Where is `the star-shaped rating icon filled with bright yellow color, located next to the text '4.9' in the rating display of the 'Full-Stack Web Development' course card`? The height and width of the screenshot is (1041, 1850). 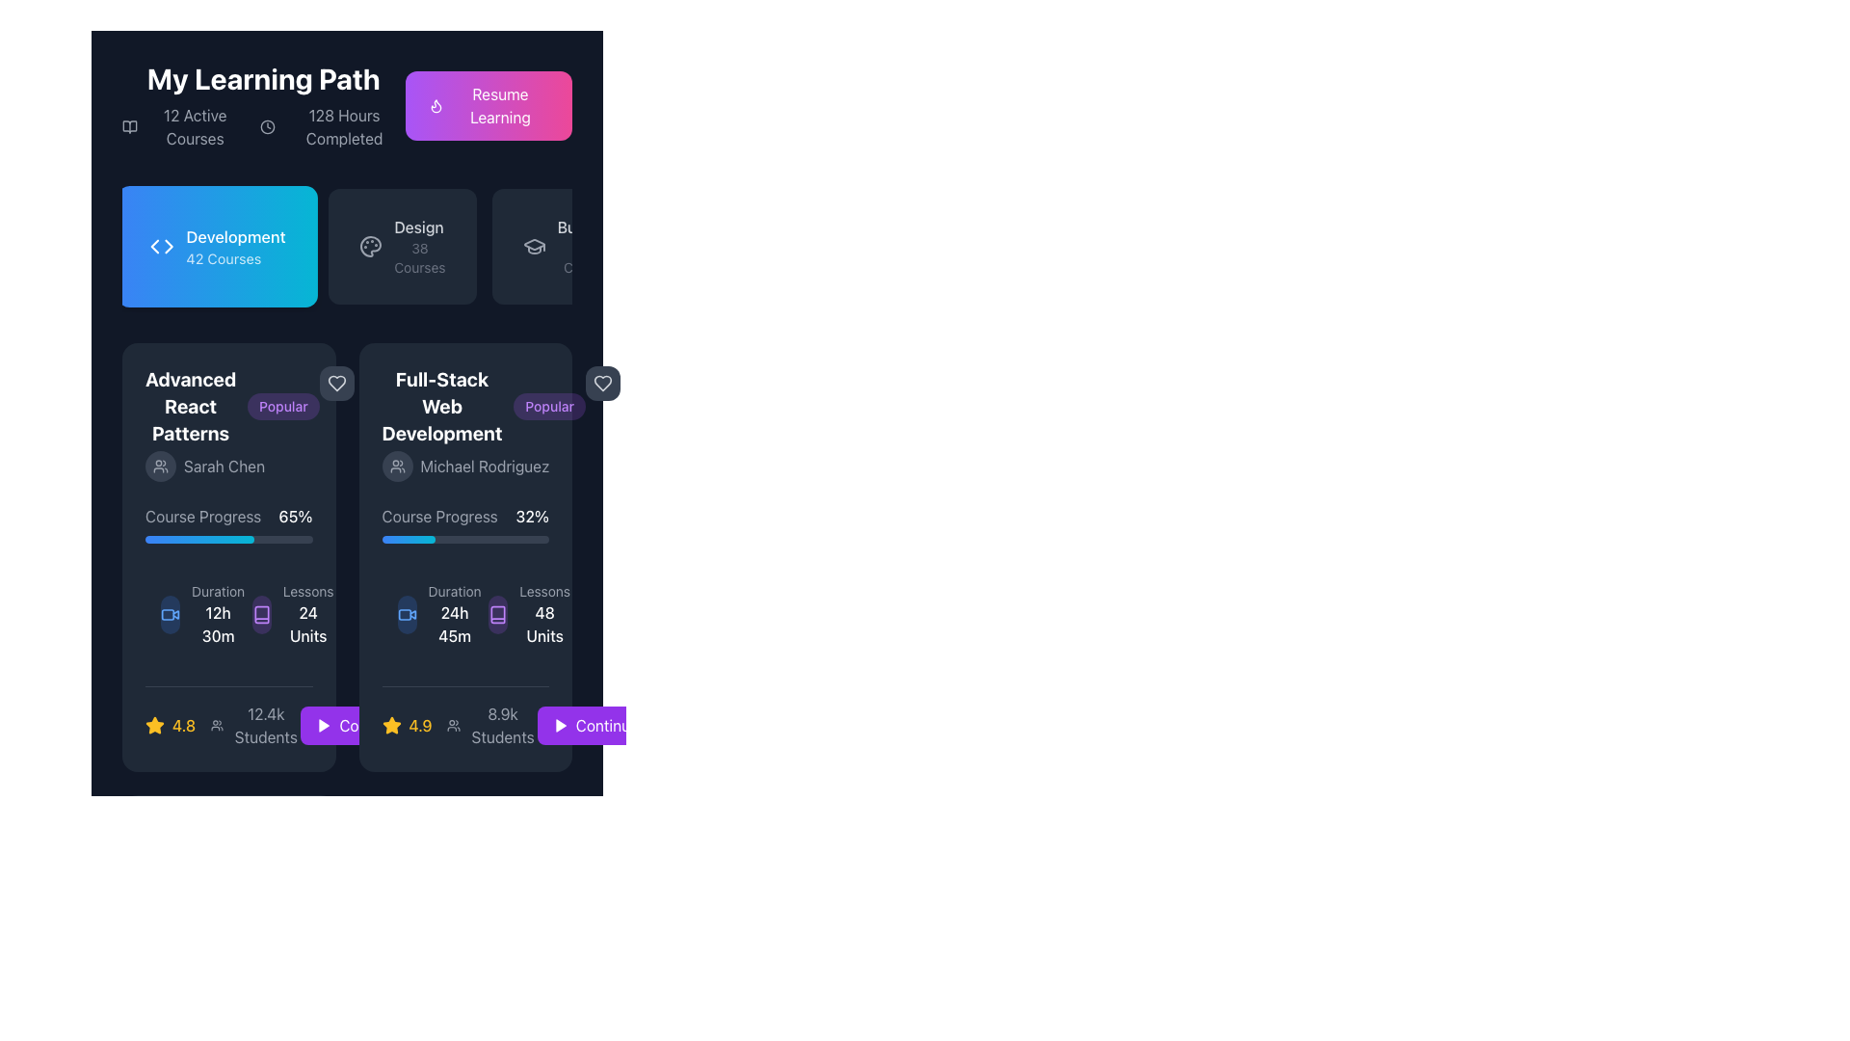 the star-shaped rating icon filled with bright yellow color, located next to the text '4.9' in the rating display of the 'Full-Stack Web Development' course card is located at coordinates (390, 725).